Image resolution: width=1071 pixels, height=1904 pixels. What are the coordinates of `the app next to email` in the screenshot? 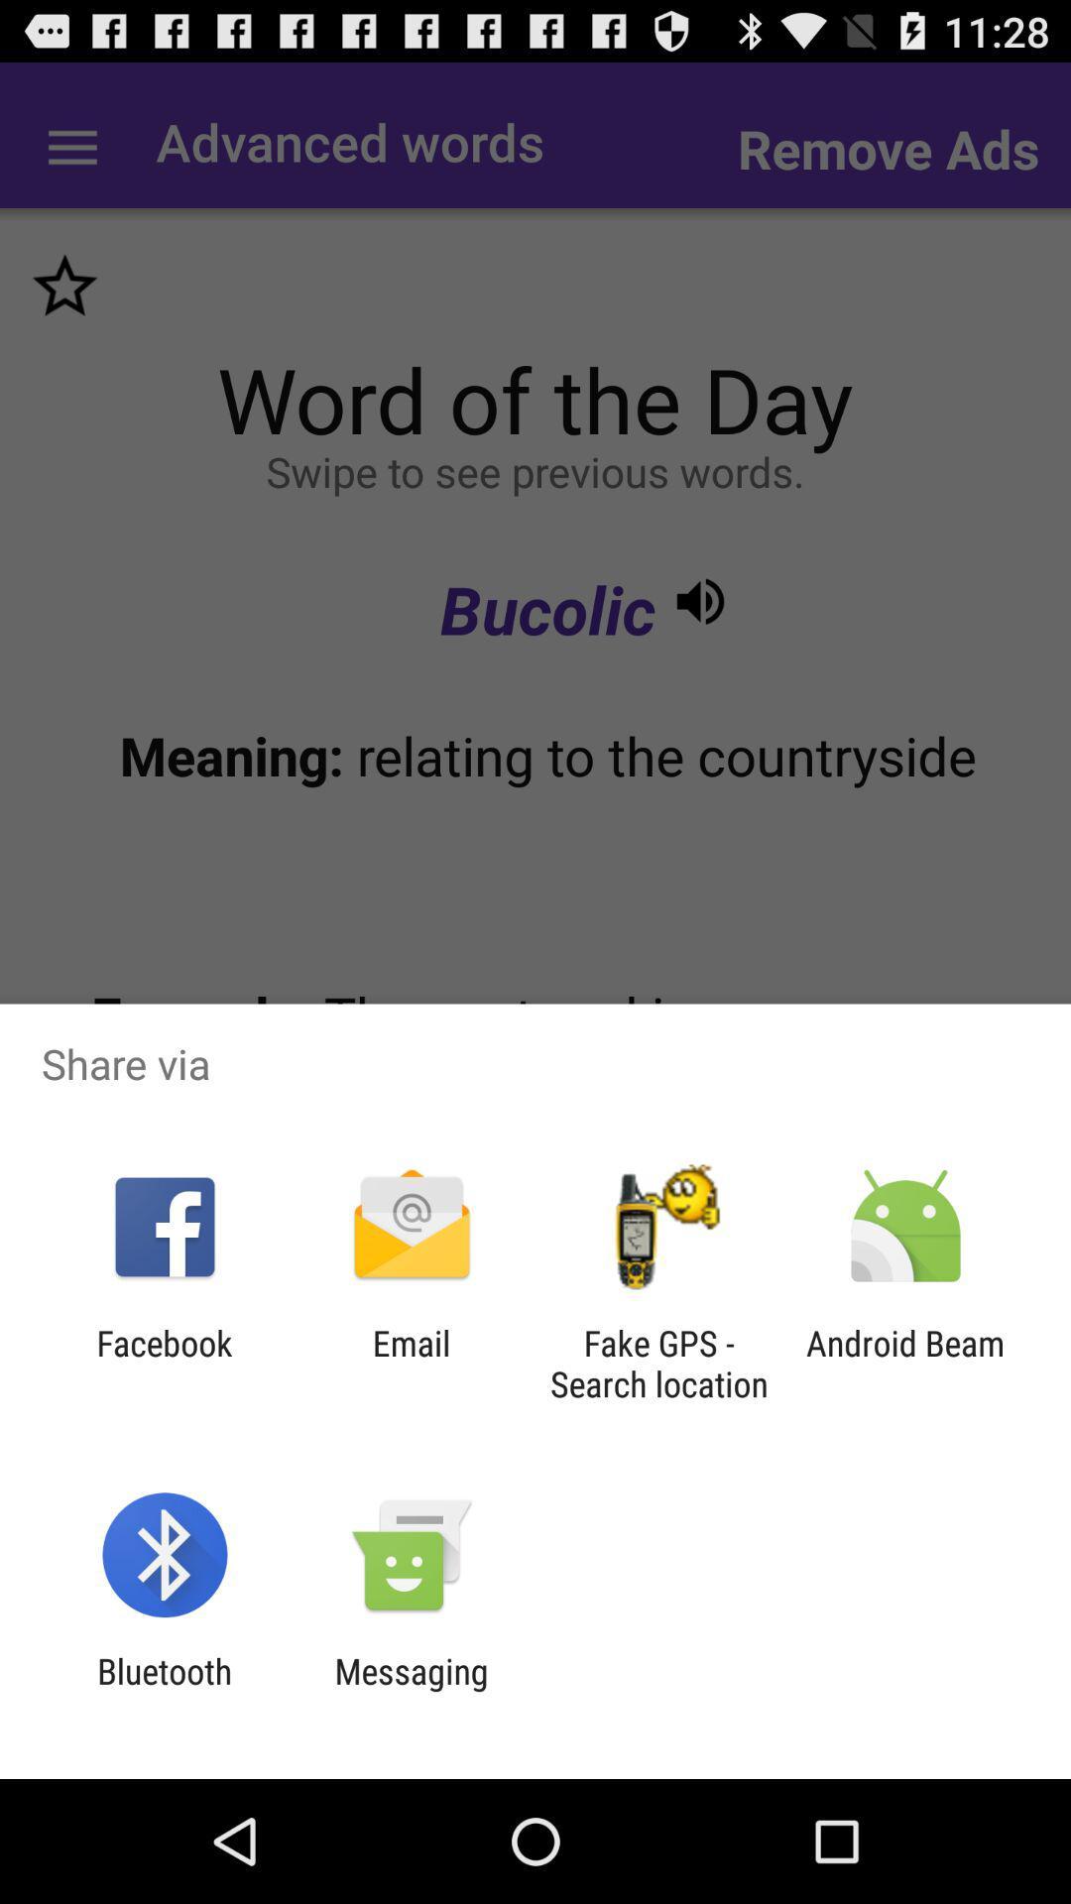 It's located at (164, 1363).